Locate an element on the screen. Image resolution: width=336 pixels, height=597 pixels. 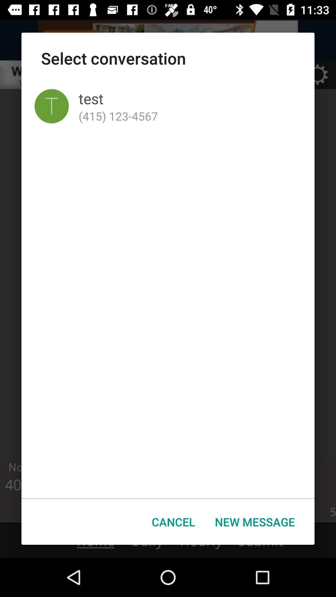
the icon below the select conversation is located at coordinates (51, 106).